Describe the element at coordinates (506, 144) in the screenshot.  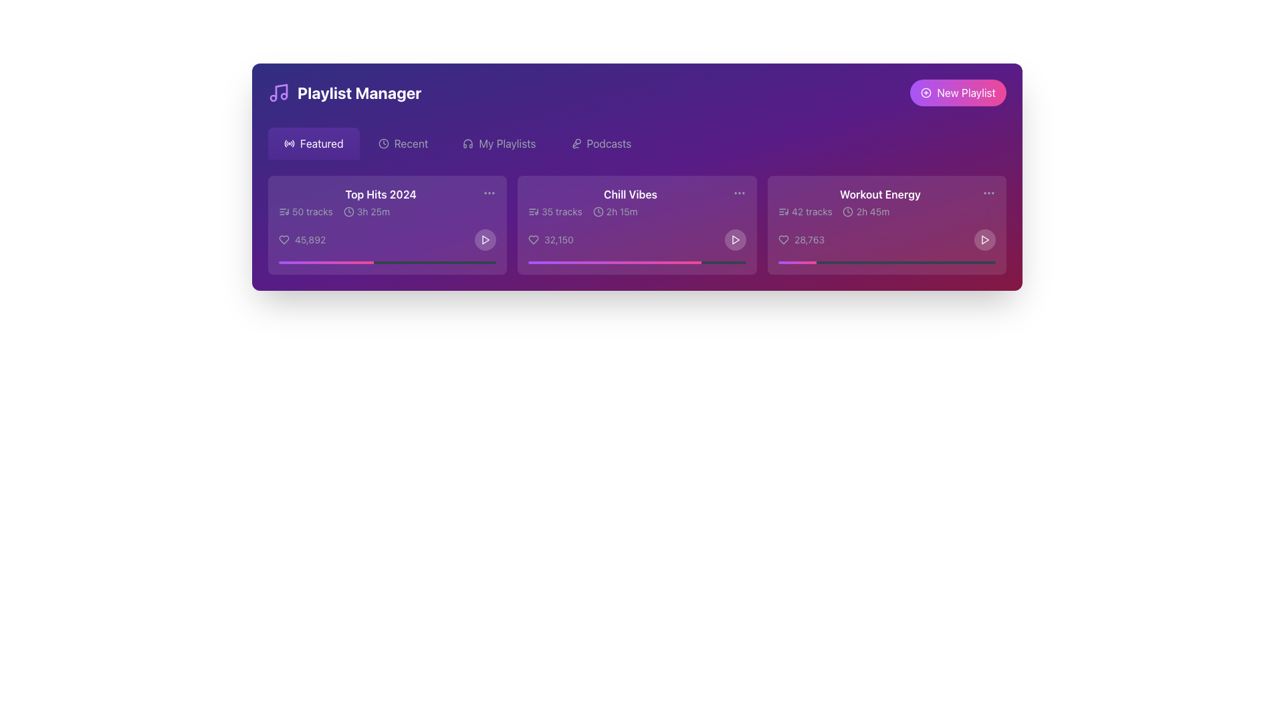
I see `the text label in the navigation menu that serves as a link to manage or view personal playlists, positioned third from the left` at that location.